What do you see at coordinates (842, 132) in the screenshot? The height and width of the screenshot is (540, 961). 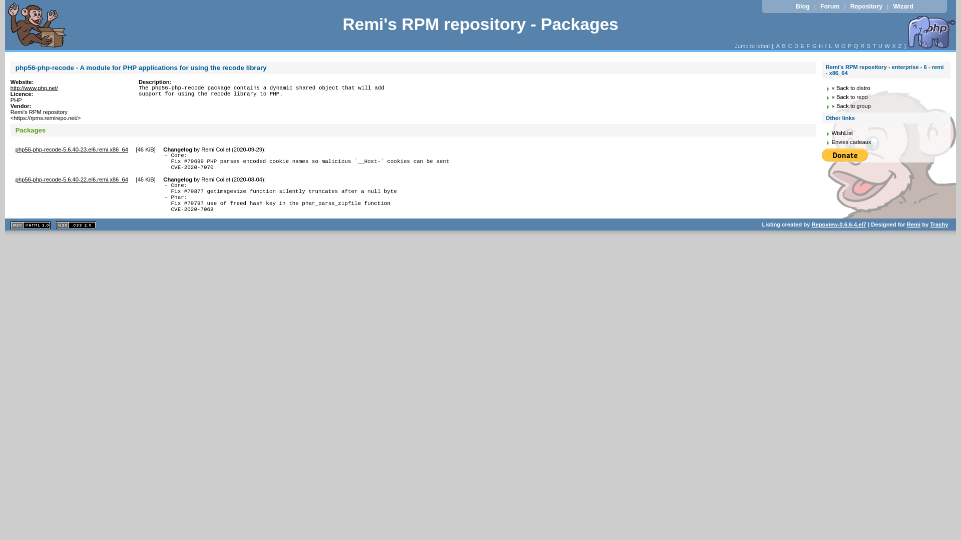 I see `'WishList'` at bounding box center [842, 132].